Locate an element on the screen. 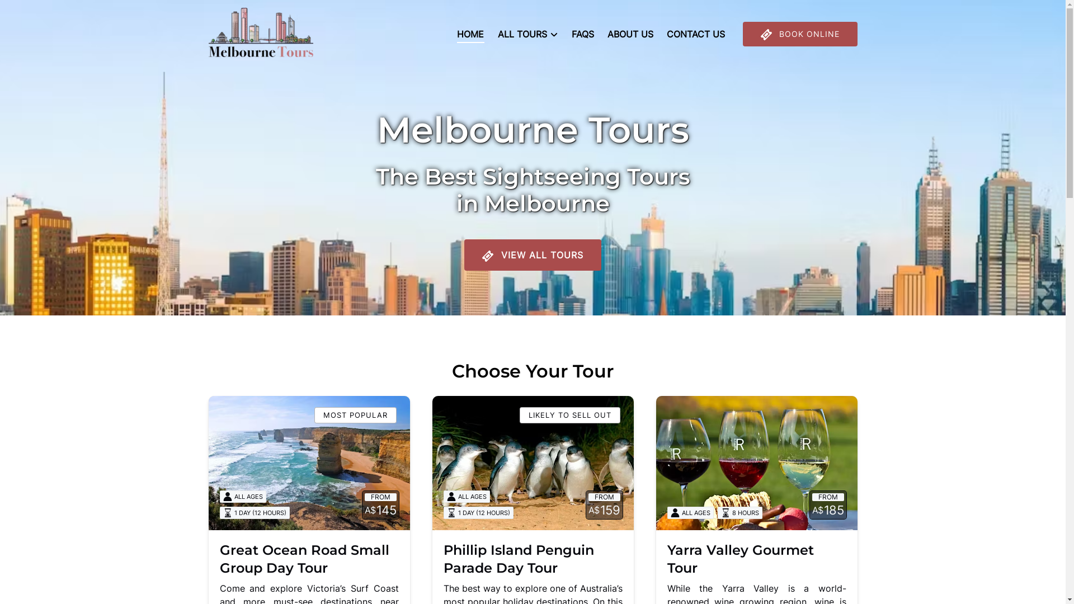  'Yarra Valley Gourmet Tour' is located at coordinates (740, 559).